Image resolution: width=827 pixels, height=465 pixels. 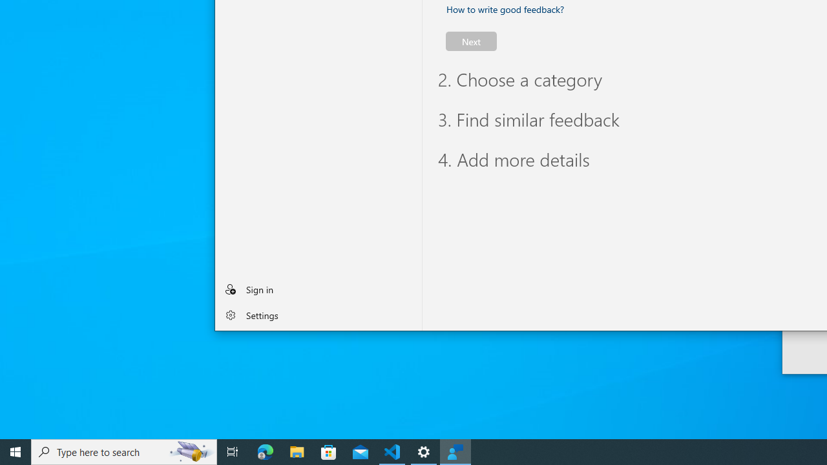 I want to click on 'Search highlights icon opens search home window', so click(x=190, y=451).